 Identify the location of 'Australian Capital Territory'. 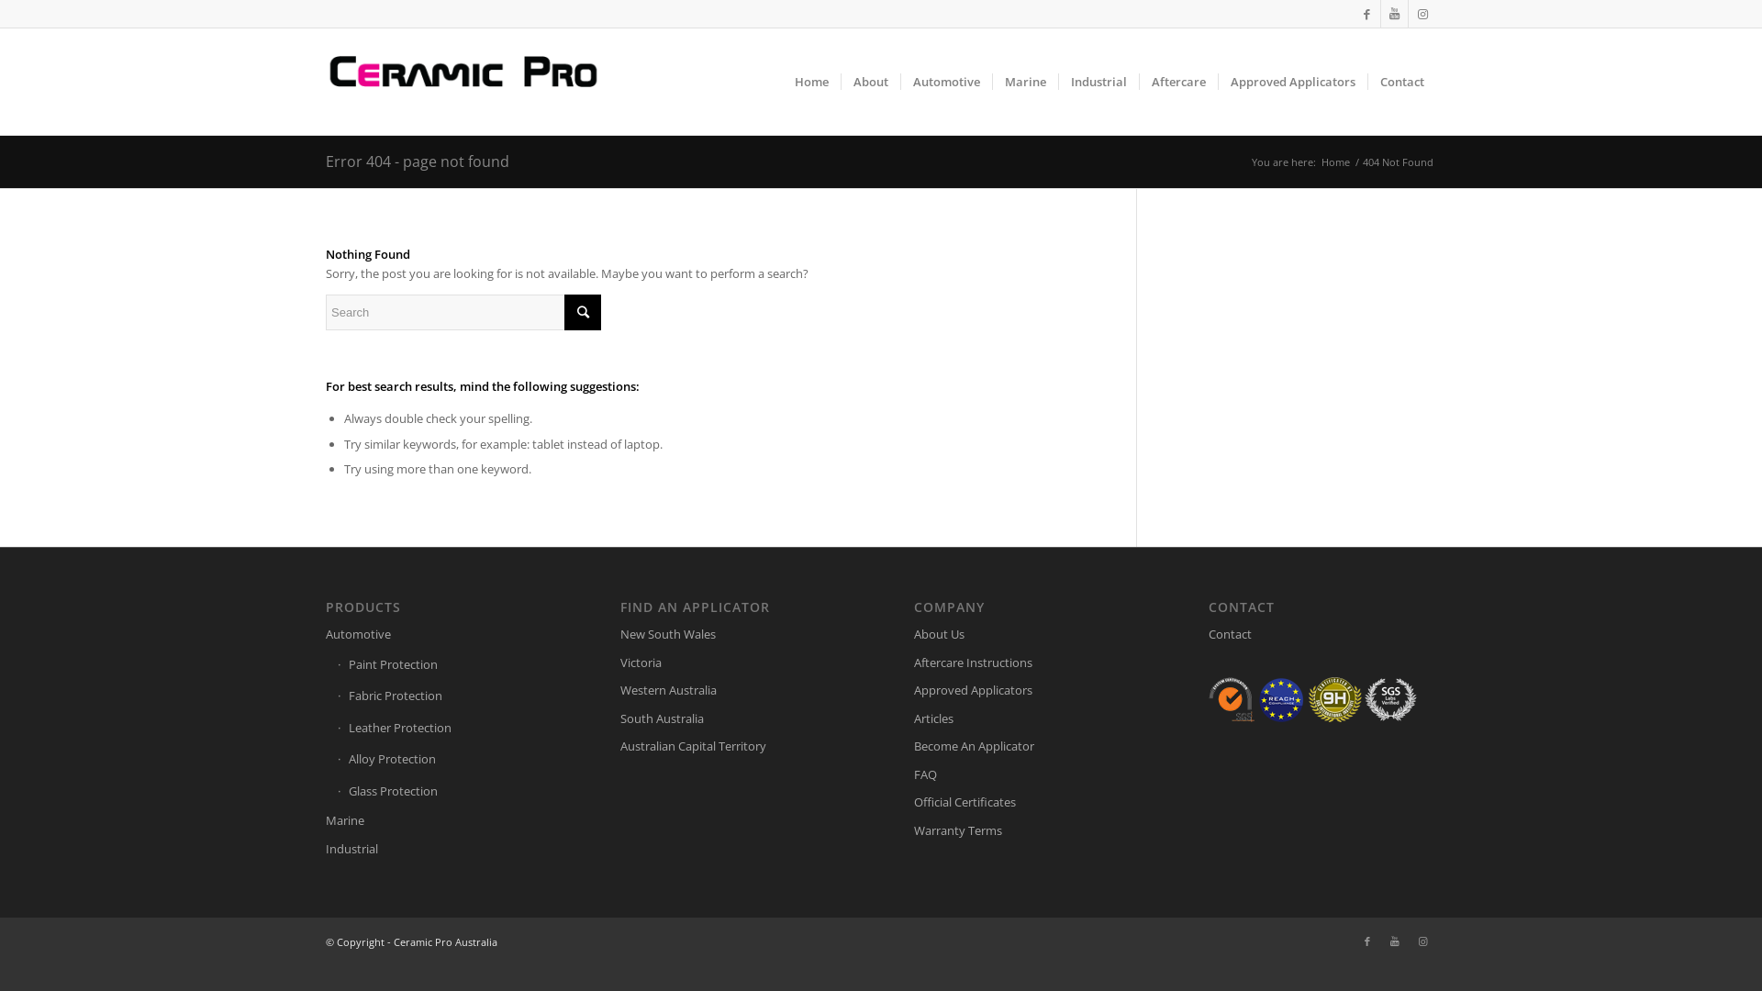
(620, 746).